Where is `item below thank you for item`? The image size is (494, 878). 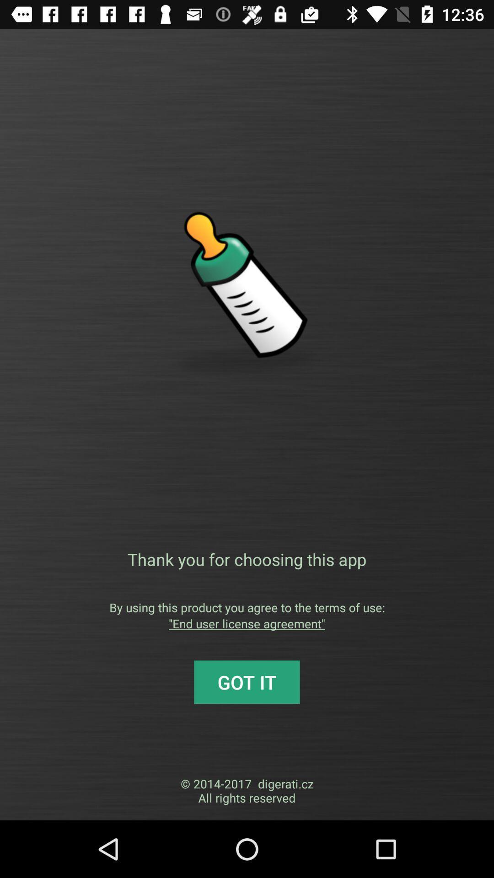
item below thank you for item is located at coordinates (247, 607).